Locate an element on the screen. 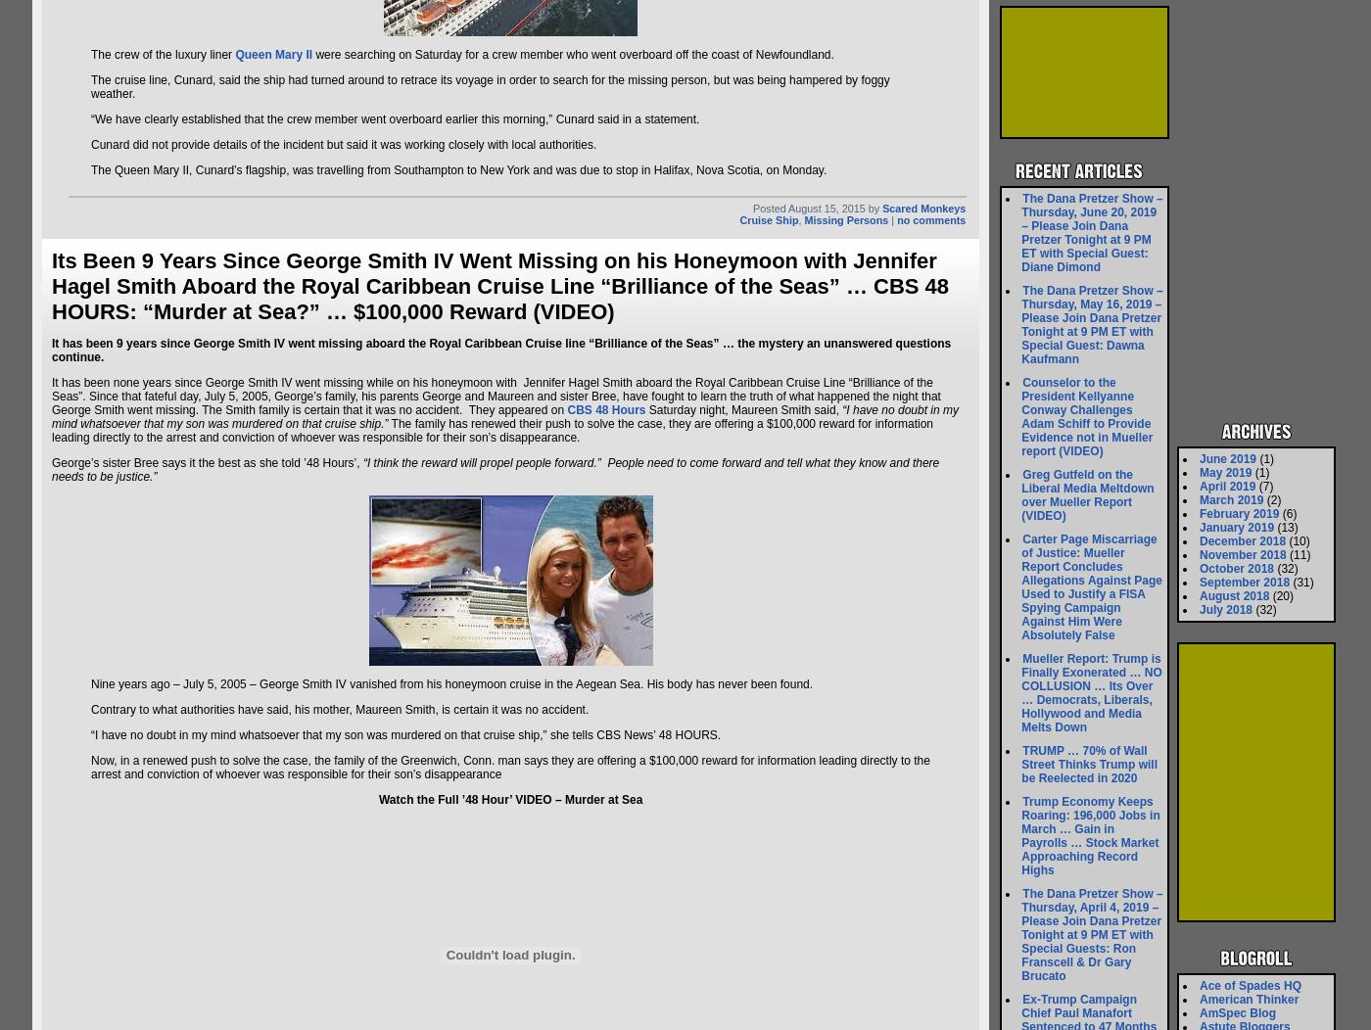 Image resolution: width=1371 pixels, height=1030 pixels. 'The Dana Pretzer Show – Thursday, May 16, 2019 – Please Join Dana Pretzer Tonight at 9 PM ET with Special Guest: Dawna Kaufmann' is located at coordinates (1091, 324).